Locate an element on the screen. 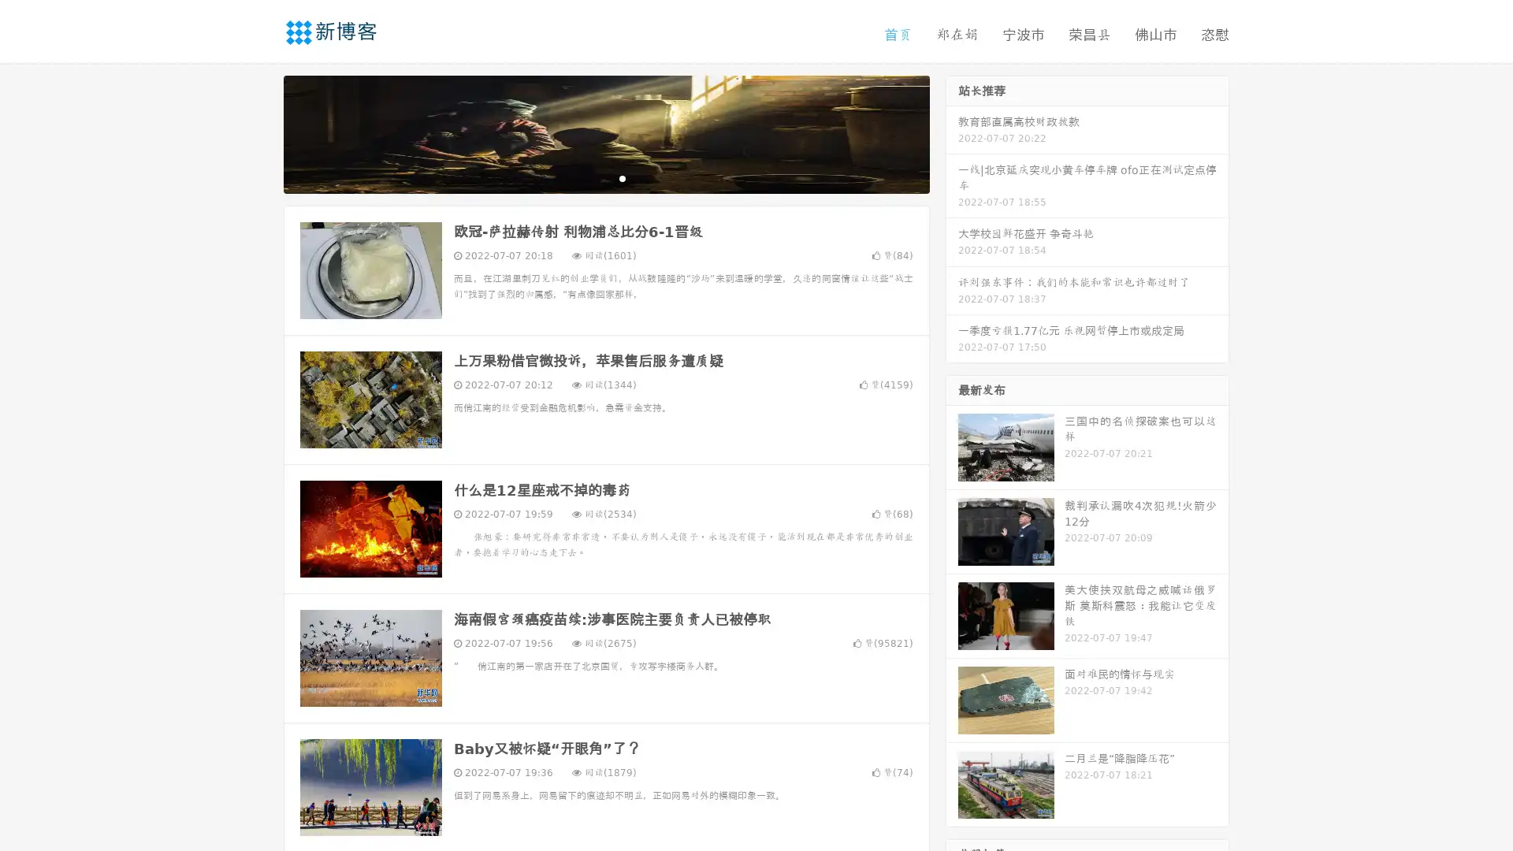  Go to slide 1 is located at coordinates (589, 177).